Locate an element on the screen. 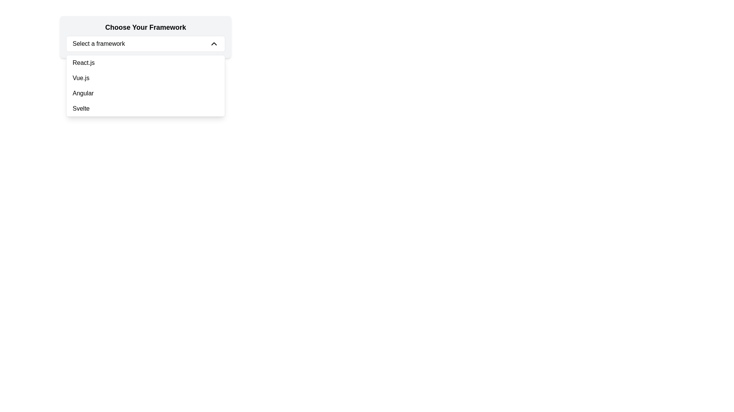  the third option in the dropdown menu that allows selecting 'Angular' as the chosen framework is located at coordinates (145, 93).